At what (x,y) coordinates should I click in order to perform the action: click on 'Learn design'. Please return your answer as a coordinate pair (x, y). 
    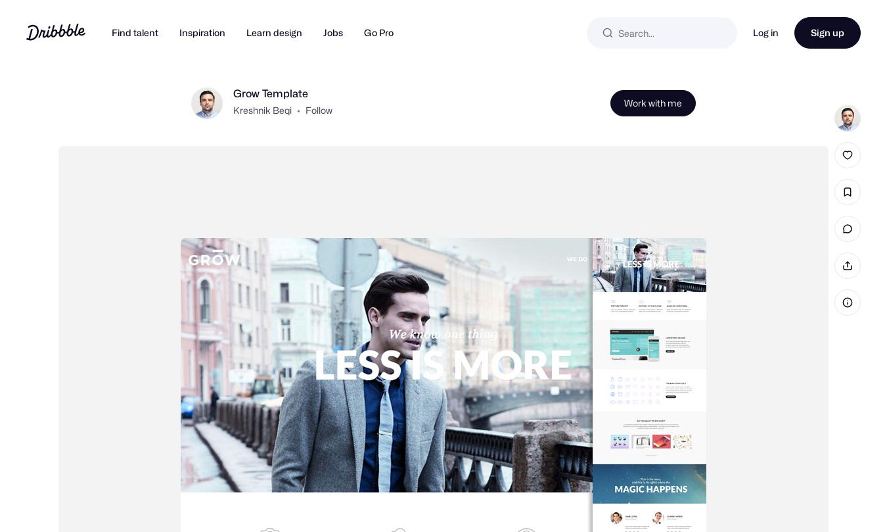
    Looking at the image, I should click on (274, 32).